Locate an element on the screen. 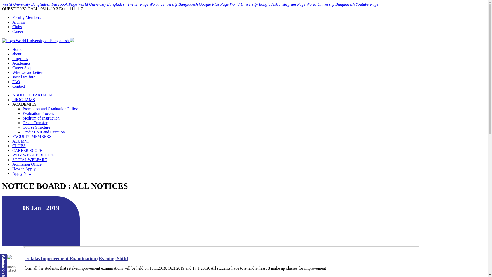  'Career Scope' is located at coordinates (23, 67).